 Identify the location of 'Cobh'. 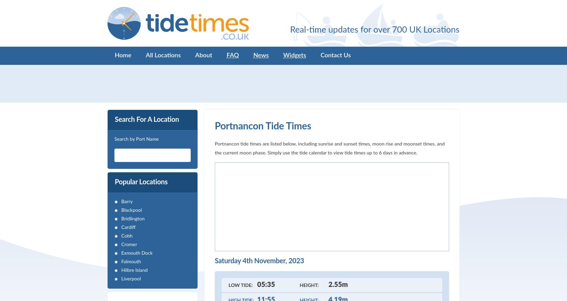
(121, 236).